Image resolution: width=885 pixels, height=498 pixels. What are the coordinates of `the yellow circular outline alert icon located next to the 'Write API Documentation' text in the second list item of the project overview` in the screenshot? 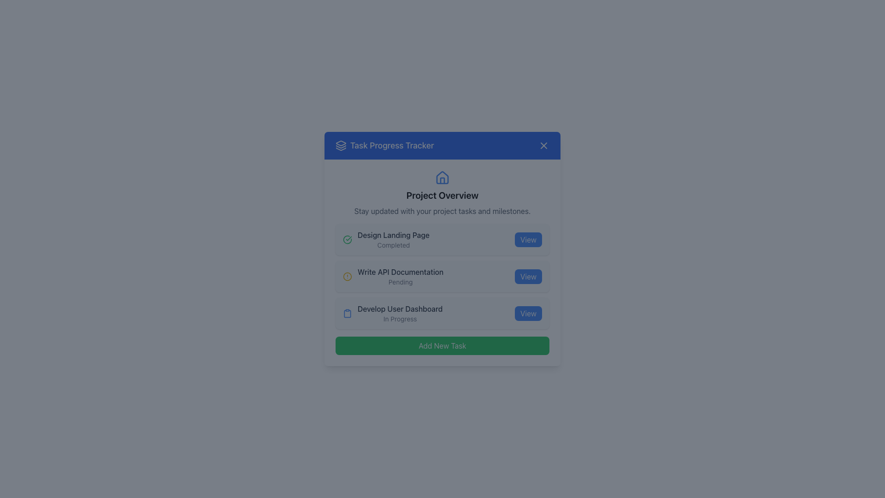 It's located at (347, 276).